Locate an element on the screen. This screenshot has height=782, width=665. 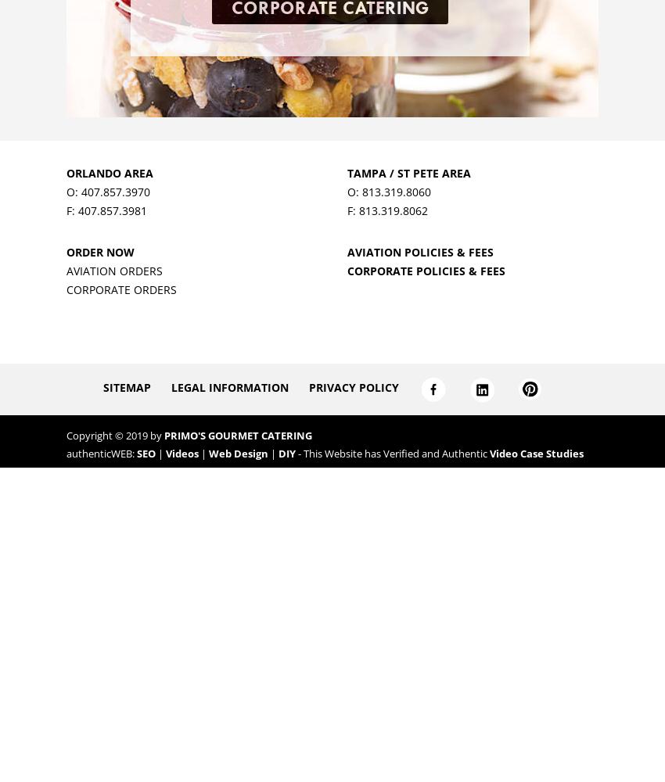
'DIY' is located at coordinates (277, 453).